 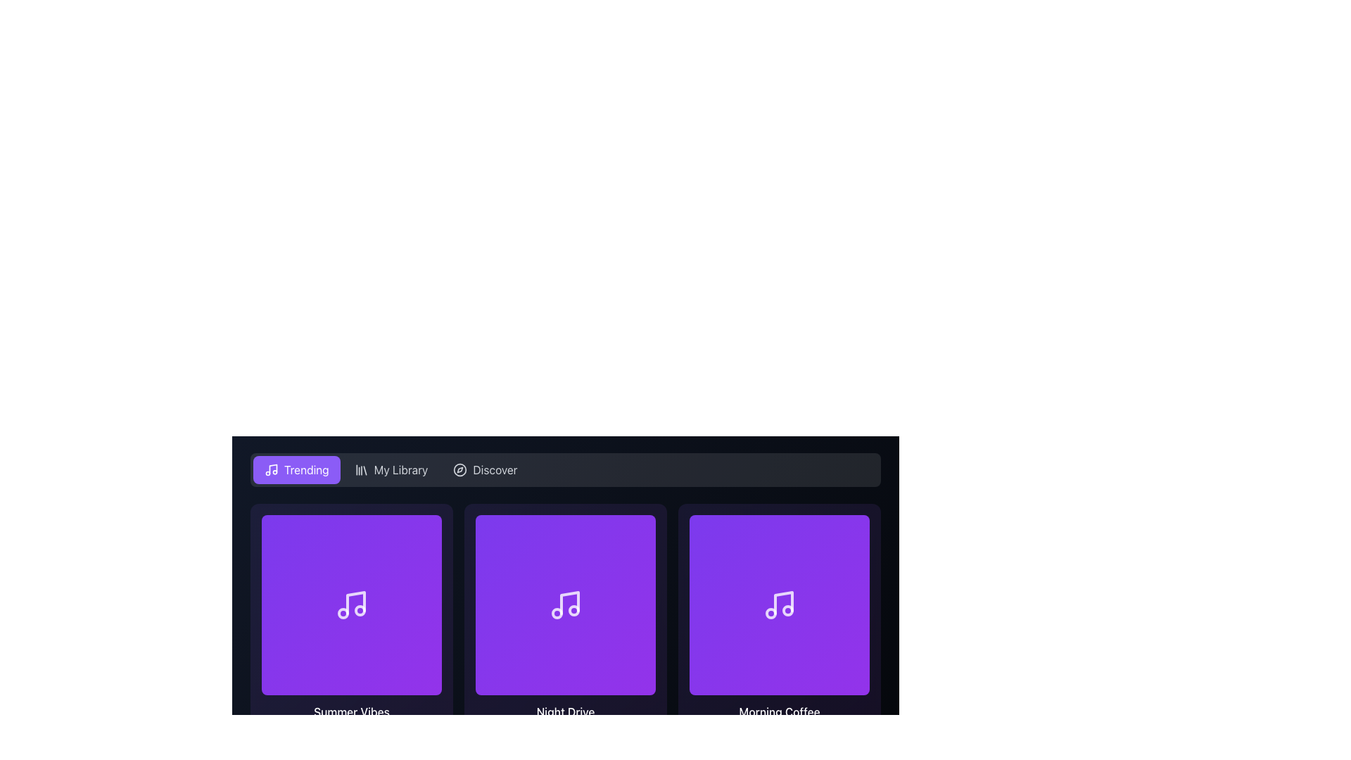 I want to click on the music icon, which is a white musical notes icon with a semi-transparent overlay against a purple background, so click(x=566, y=604).